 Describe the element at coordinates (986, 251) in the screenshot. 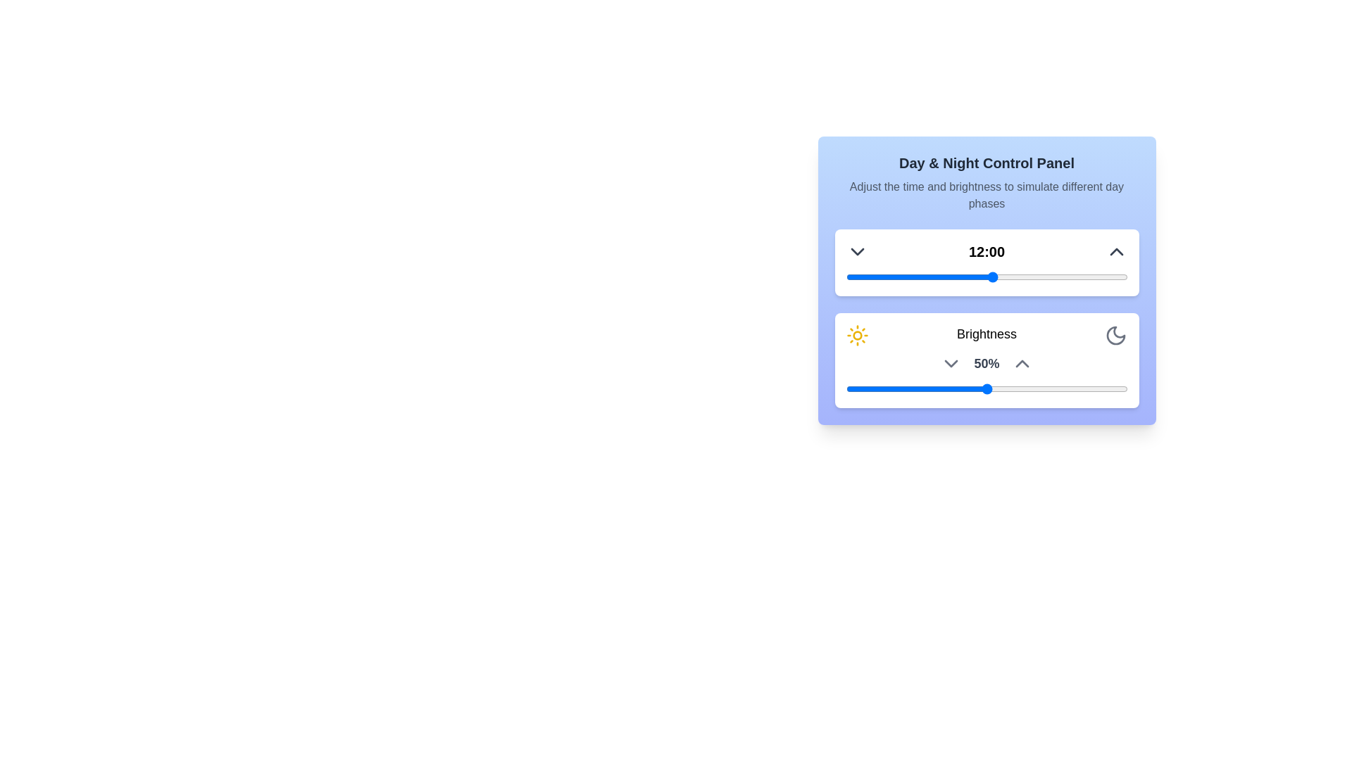

I see `the static text label displaying the current selected time in the 'Day & Night Control Panel', positioned between the upward and downward arrow buttons` at that location.